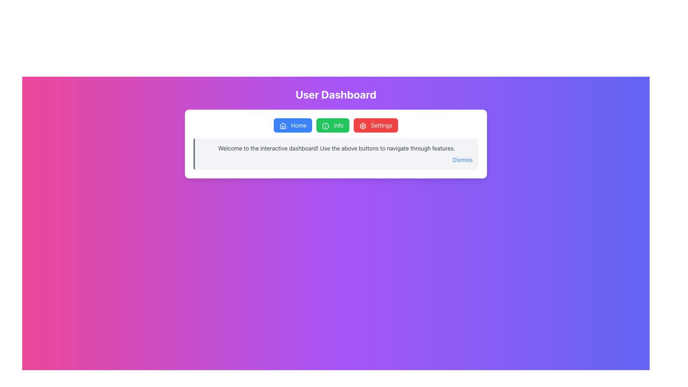 Image resolution: width=688 pixels, height=387 pixels. What do you see at coordinates (325, 125) in the screenshot?
I see `the 'Info' button` at bounding box center [325, 125].